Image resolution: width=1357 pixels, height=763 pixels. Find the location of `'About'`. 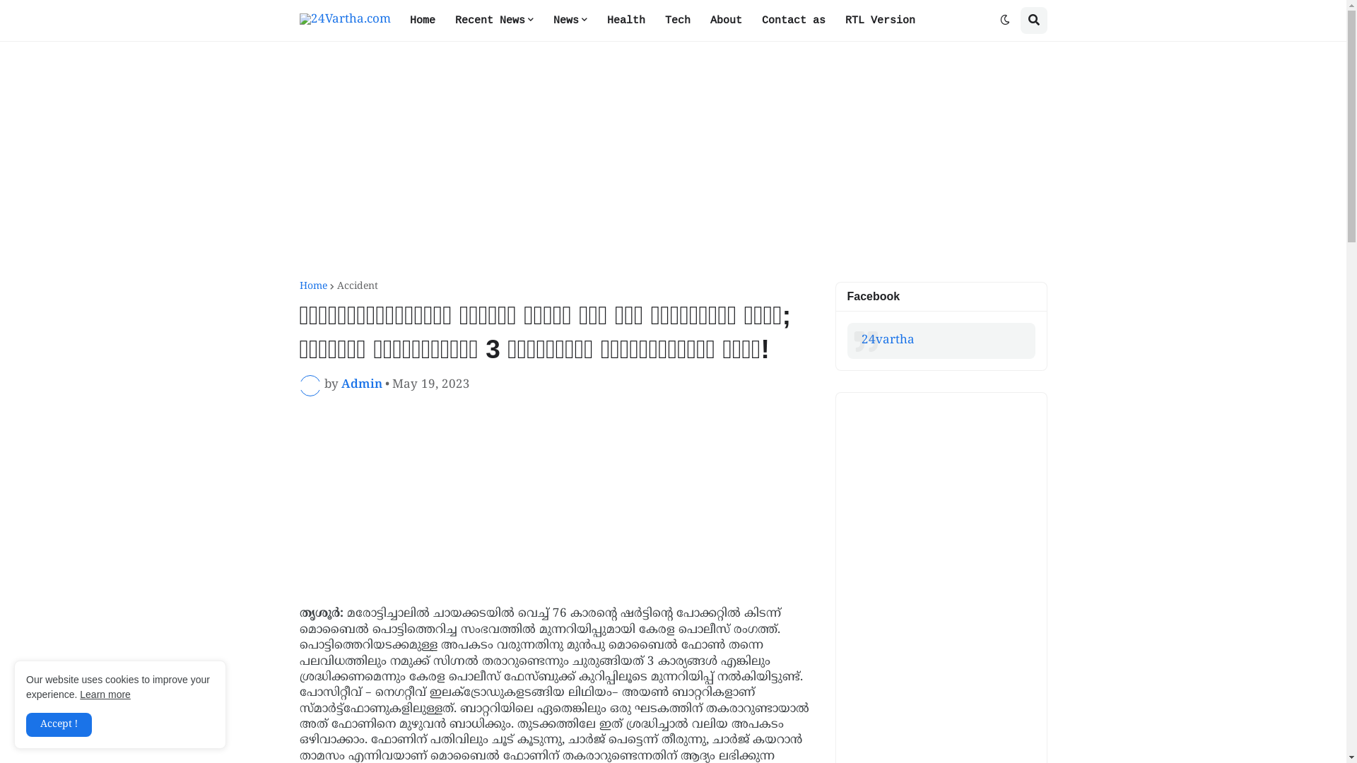

'About' is located at coordinates (725, 20).